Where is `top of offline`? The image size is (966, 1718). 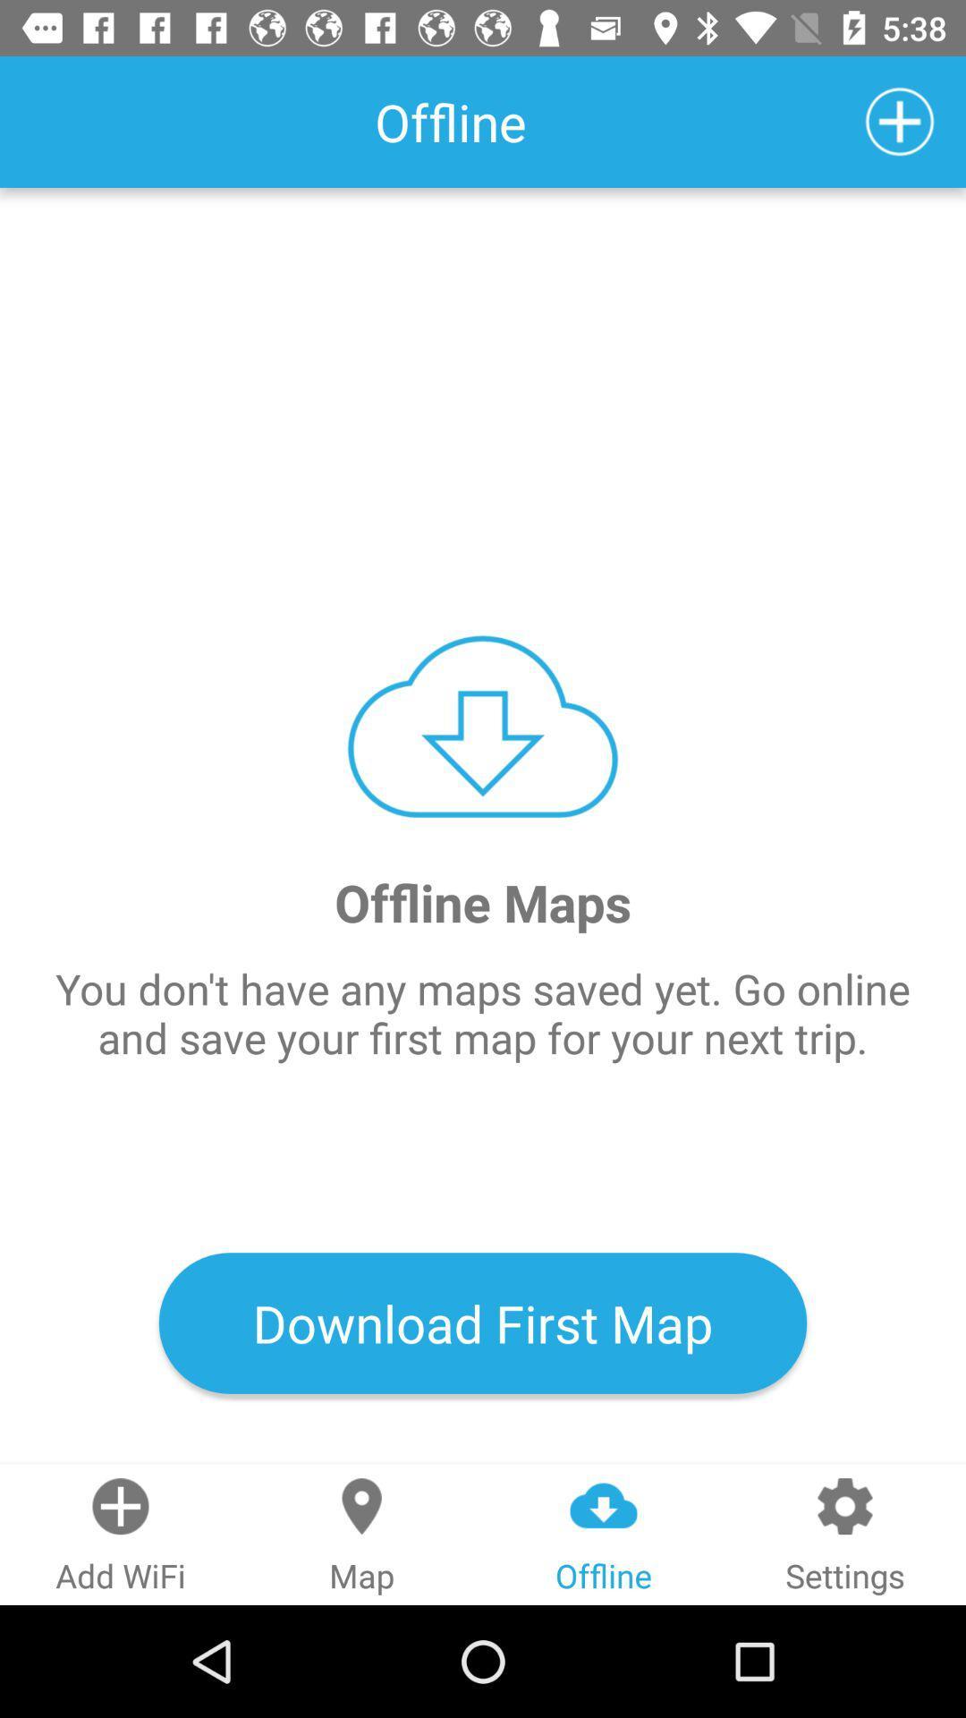 top of offline is located at coordinates (604, 1505).